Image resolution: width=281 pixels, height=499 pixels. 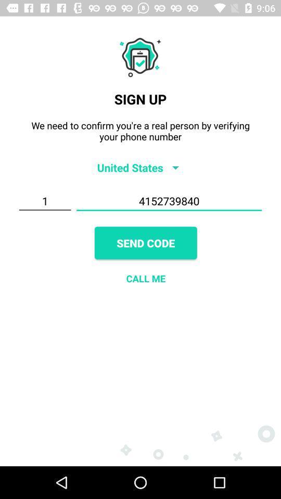 What do you see at coordinates (145, 243) in the screenshot?
I see `item below 4152739840` at bounding box center [145, 243].